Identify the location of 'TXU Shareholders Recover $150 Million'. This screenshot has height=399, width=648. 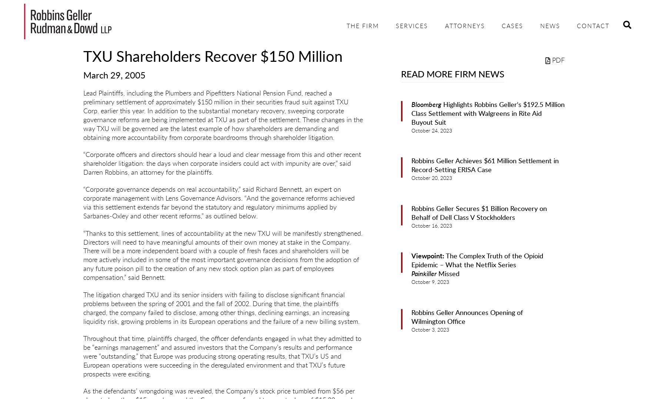
(213, 57).